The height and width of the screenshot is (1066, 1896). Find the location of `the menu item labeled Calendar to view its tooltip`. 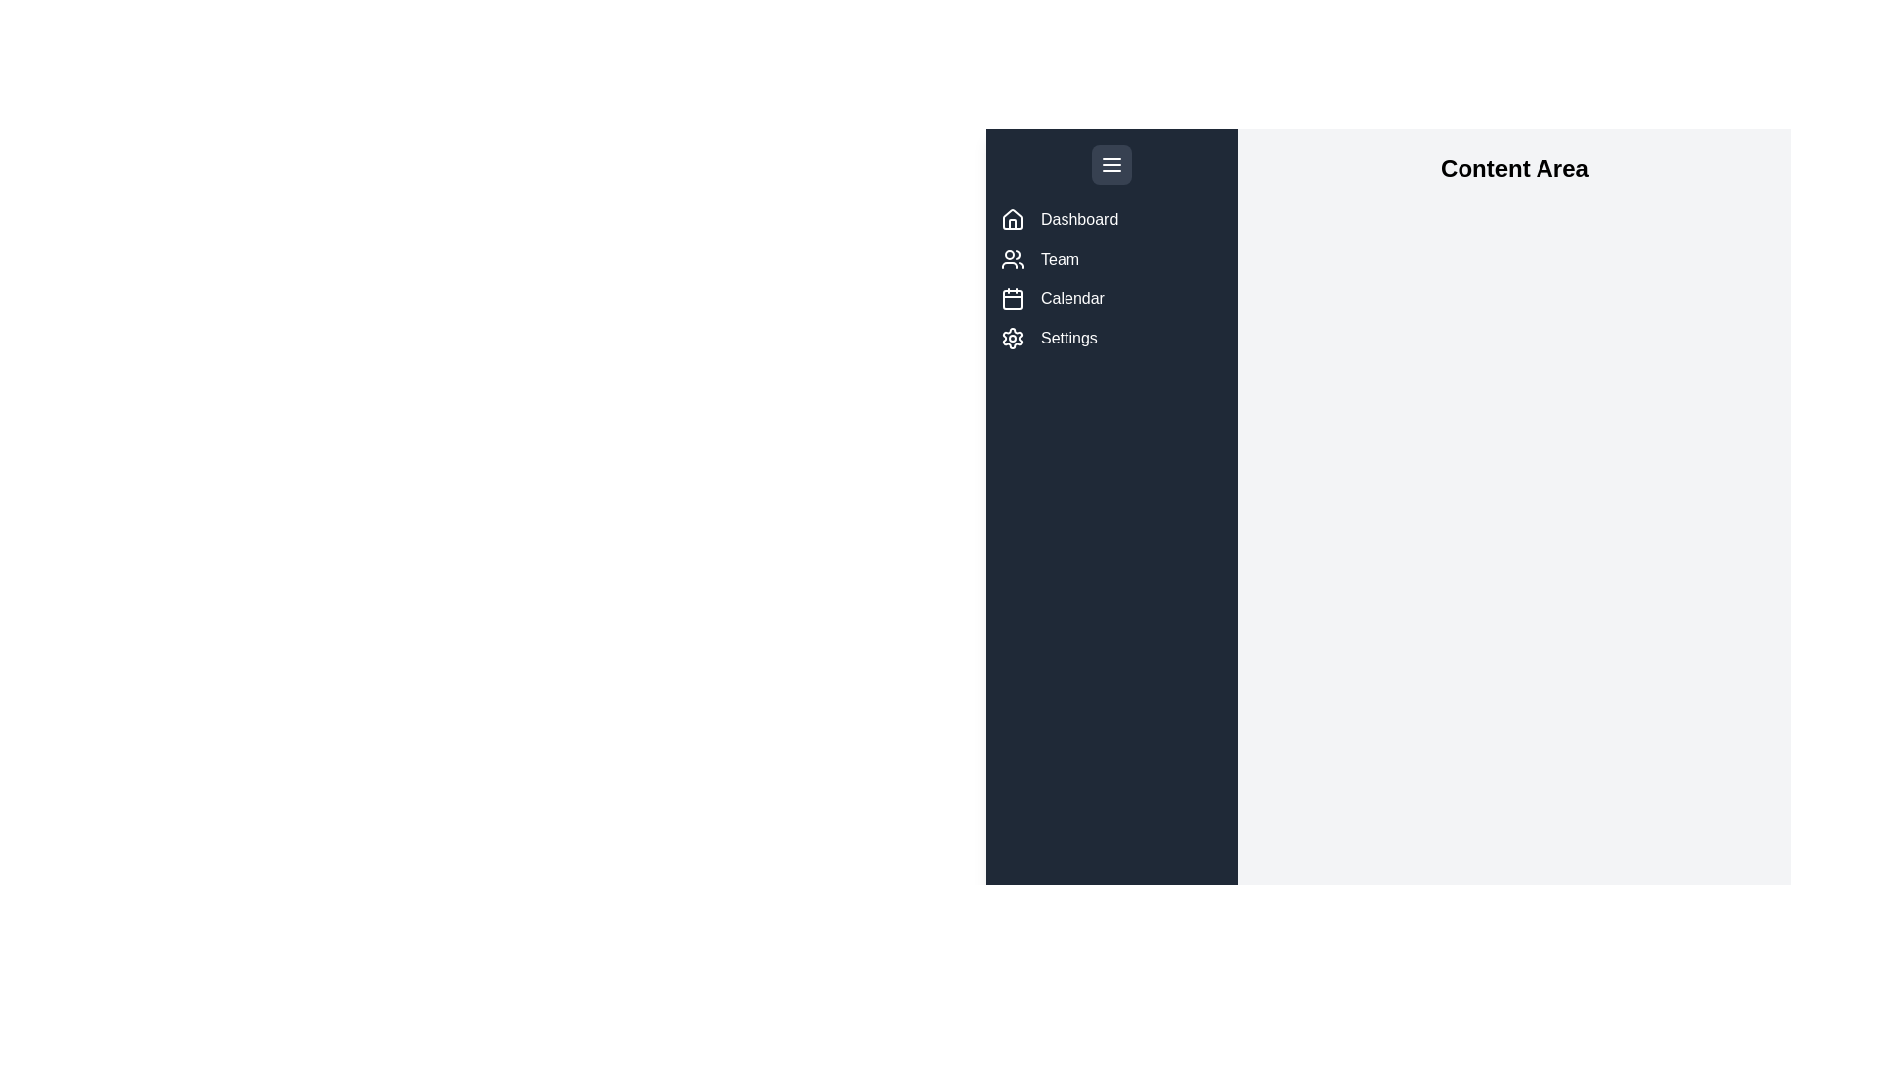

the menu item labeled Calendar to view its tooltip is located at coordinates (1013, 299).